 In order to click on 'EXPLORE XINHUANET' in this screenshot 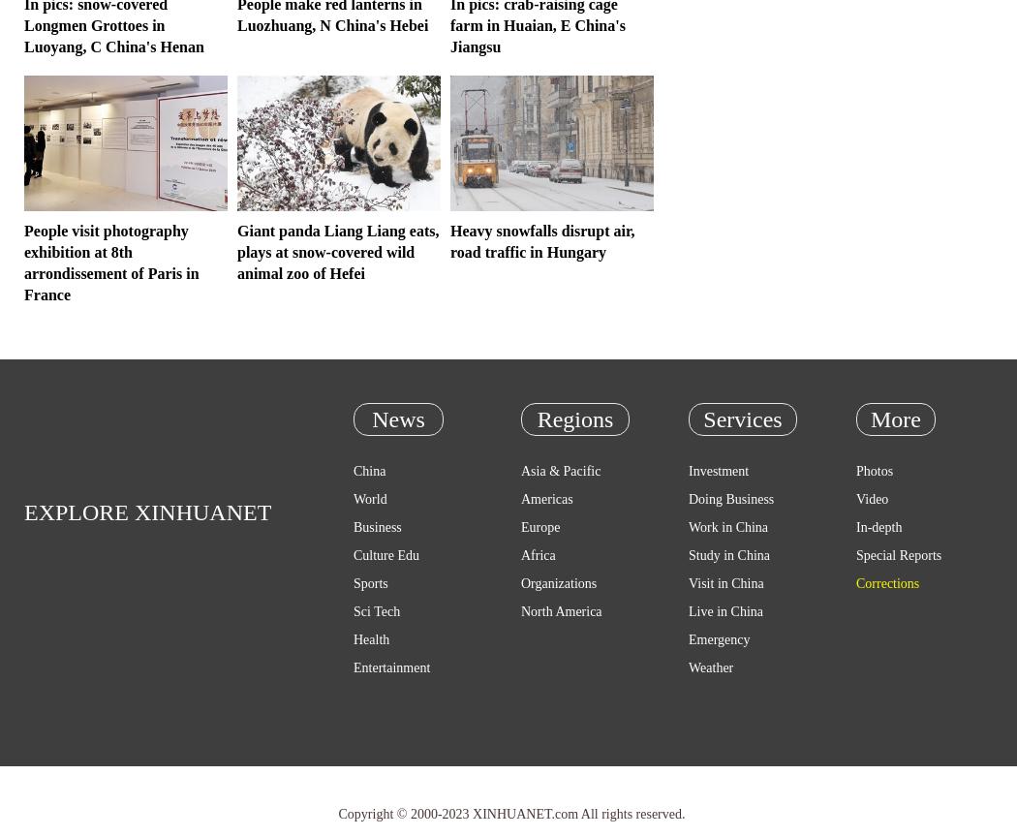, I will do `click(147, 512)`.